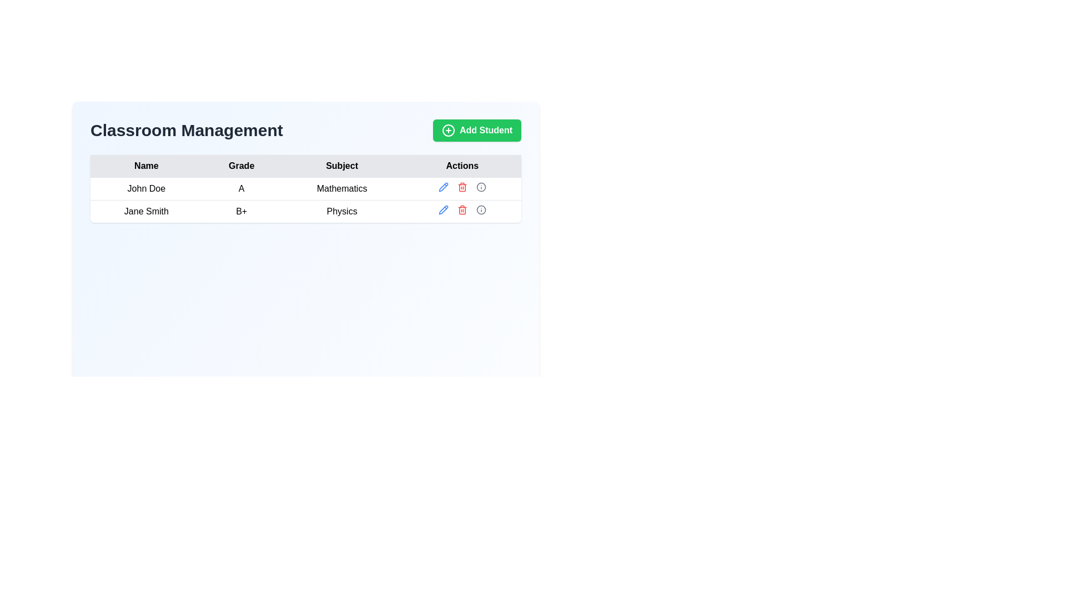 Image resolution: width=1066 pixels, height=600 pixels. I want to click on the text label 'John Doe' which is displayed in bold within a table structure indicating a student's information, located at the center of the element's bounding box, so click(145, 188).